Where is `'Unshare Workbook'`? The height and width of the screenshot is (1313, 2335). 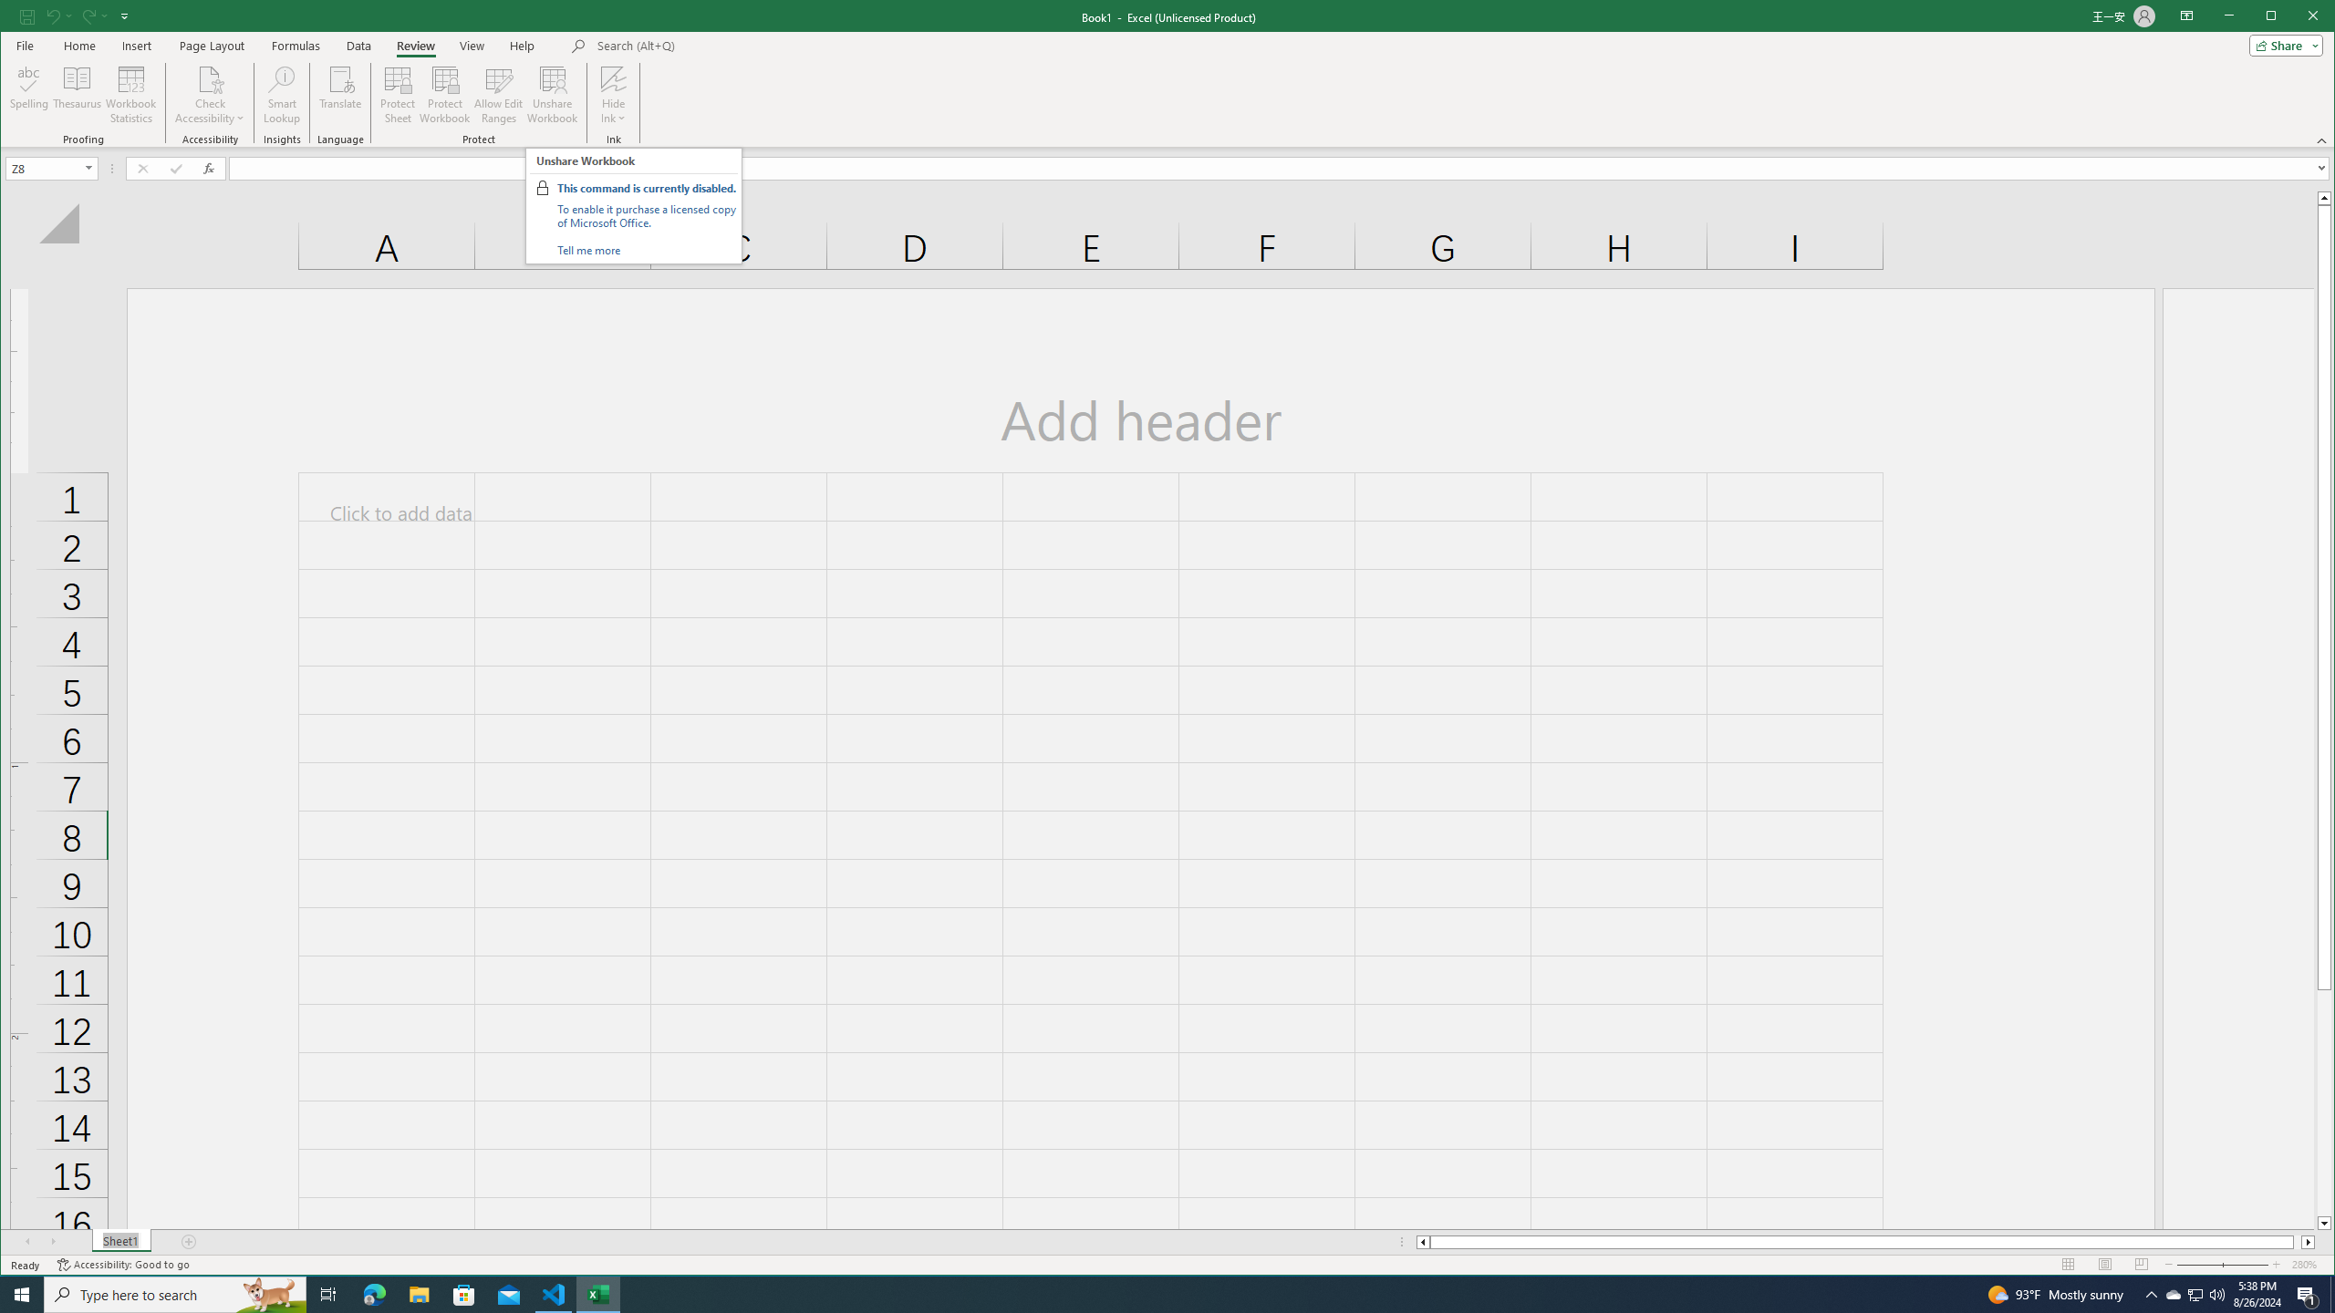 'Unshare Workbook' is located at coordinates (551, 94).